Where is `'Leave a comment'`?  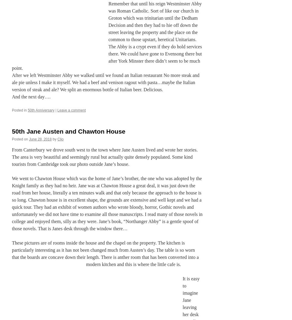
'Leave a comment' is located at coordinates (71, 110).